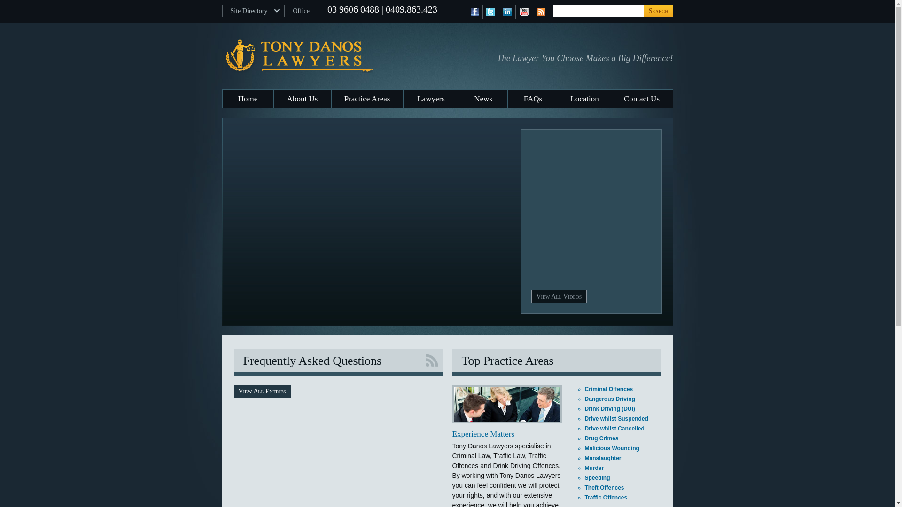  What do you see at coordinates (604, 487) in the screenshot?
I see `'Theft Offences'` at bounding box center [604, 487].